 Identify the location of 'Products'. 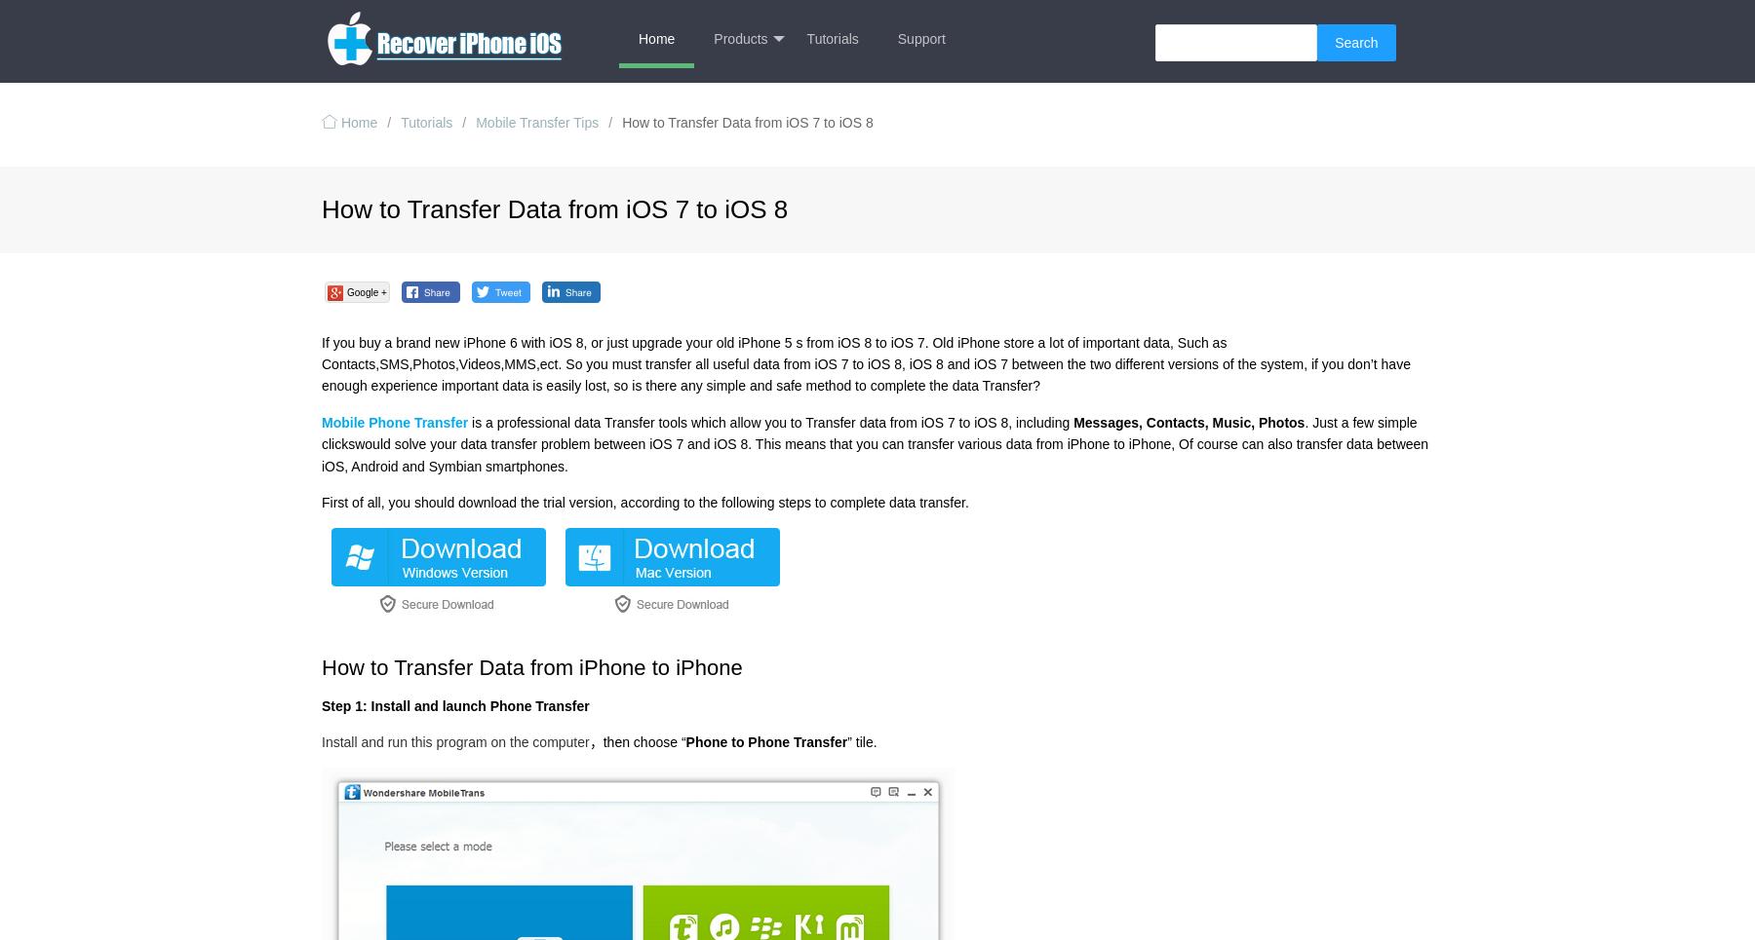
(739, 39).